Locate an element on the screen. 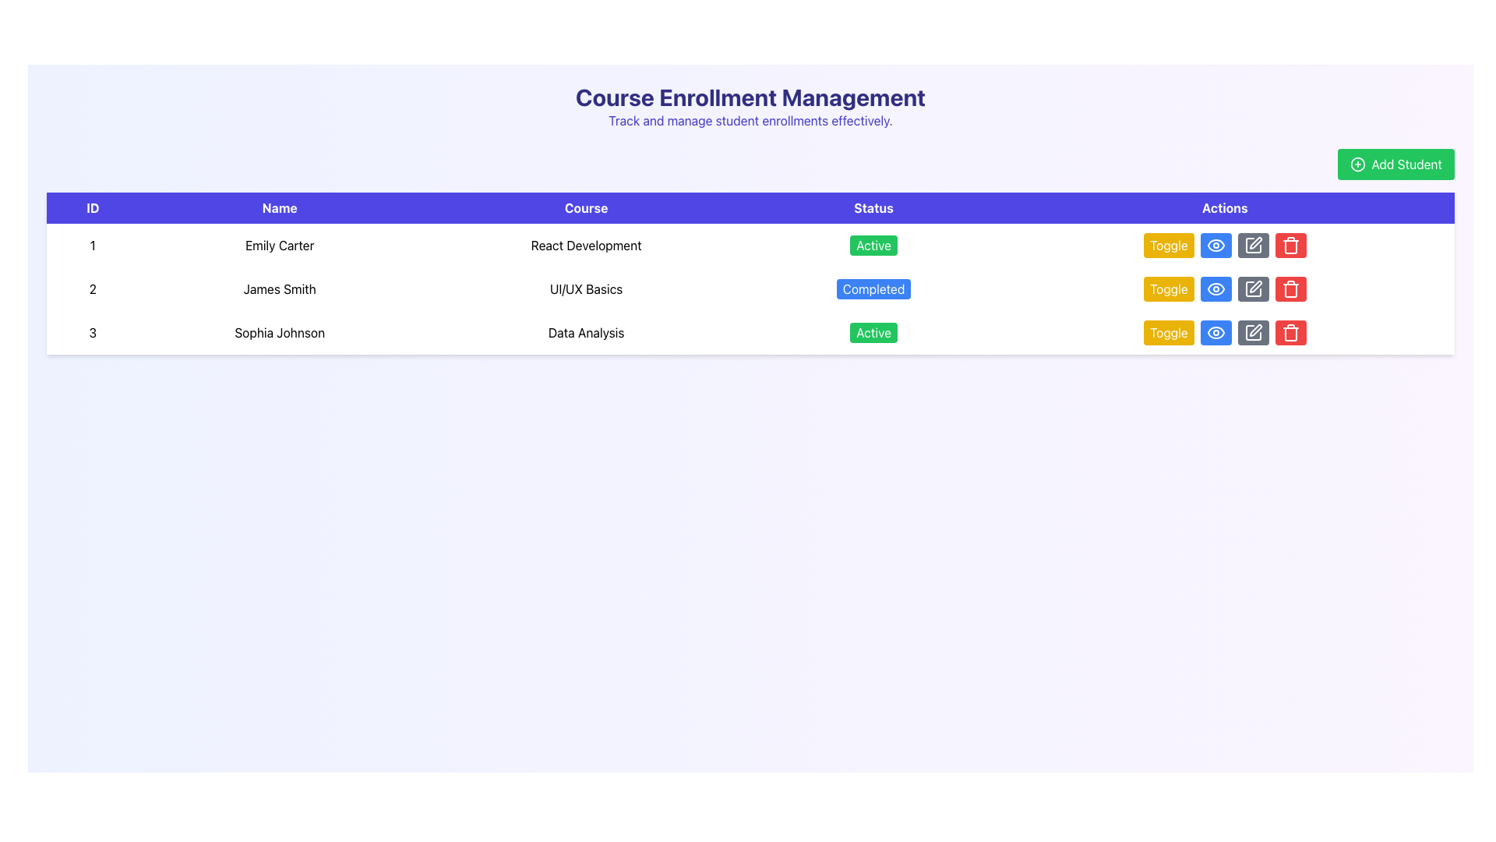 The width and height of the screenshot is (1496, 842). the 'Active' status badge for 'Emily Carter' in the Status column of the table, which indicates the course 'React Development' is located at coordinates (873, 246).